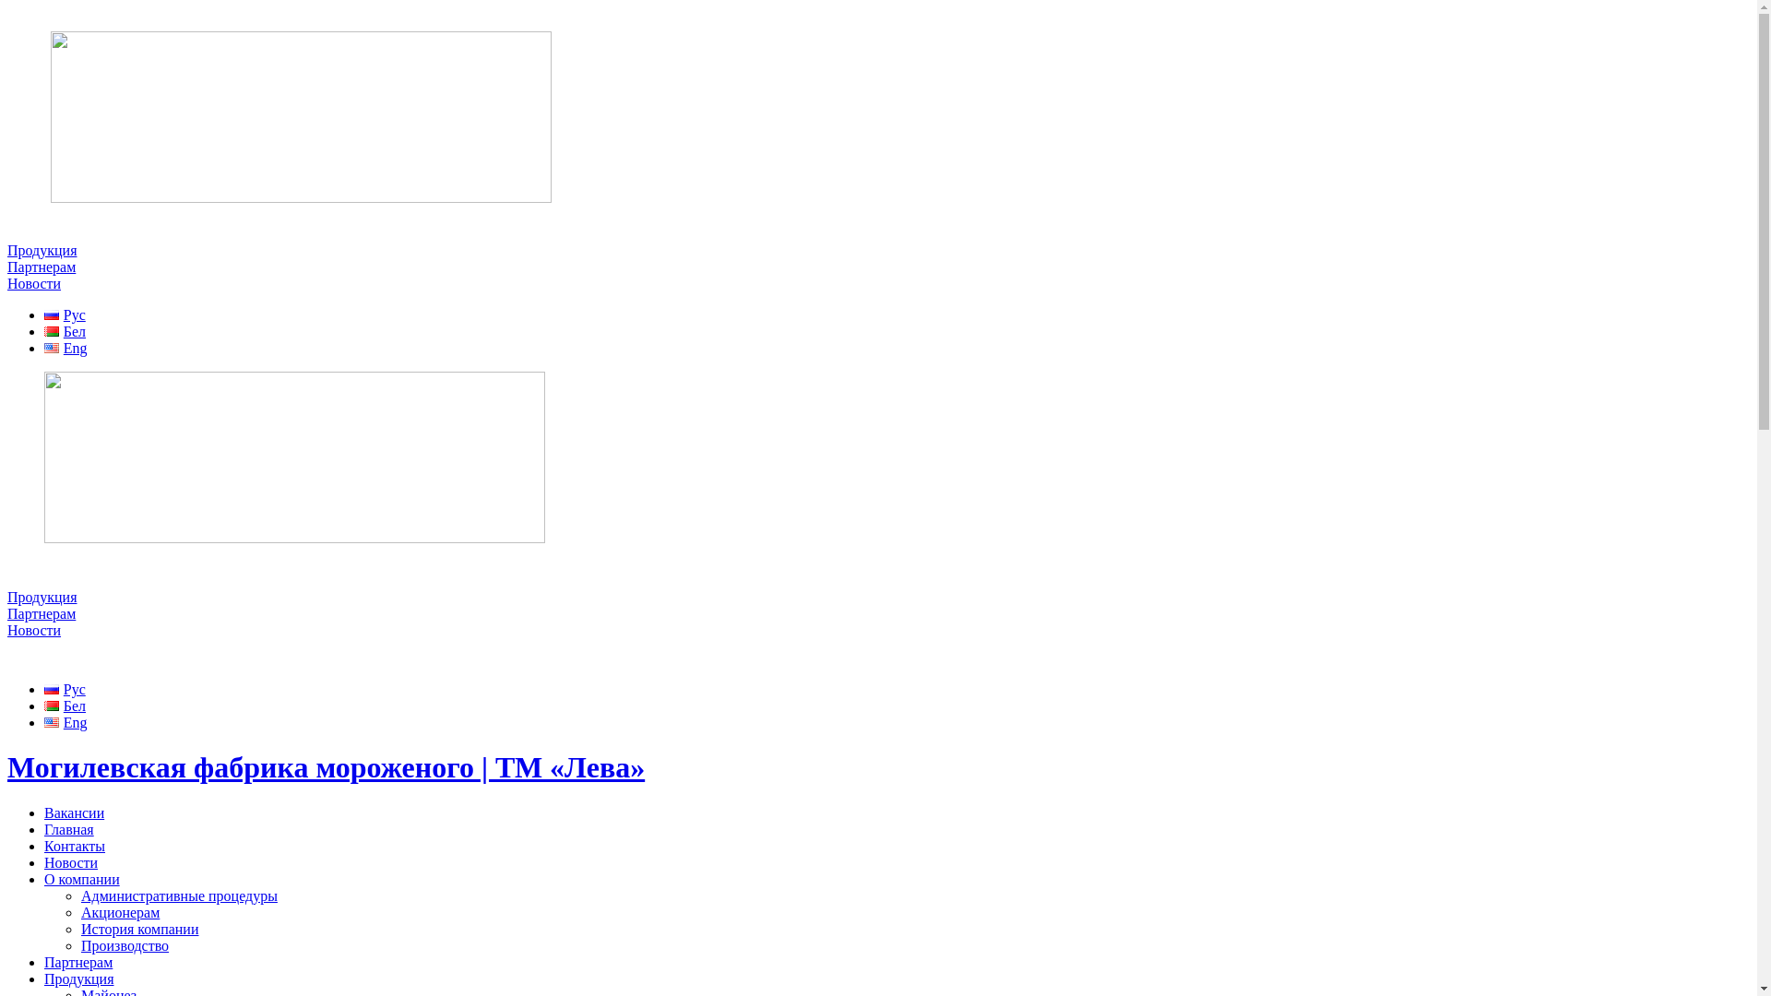  What do you see at coordinates (65, 721) in the screenshot?
I see `'Eng'` at bounding box center [65, 721].